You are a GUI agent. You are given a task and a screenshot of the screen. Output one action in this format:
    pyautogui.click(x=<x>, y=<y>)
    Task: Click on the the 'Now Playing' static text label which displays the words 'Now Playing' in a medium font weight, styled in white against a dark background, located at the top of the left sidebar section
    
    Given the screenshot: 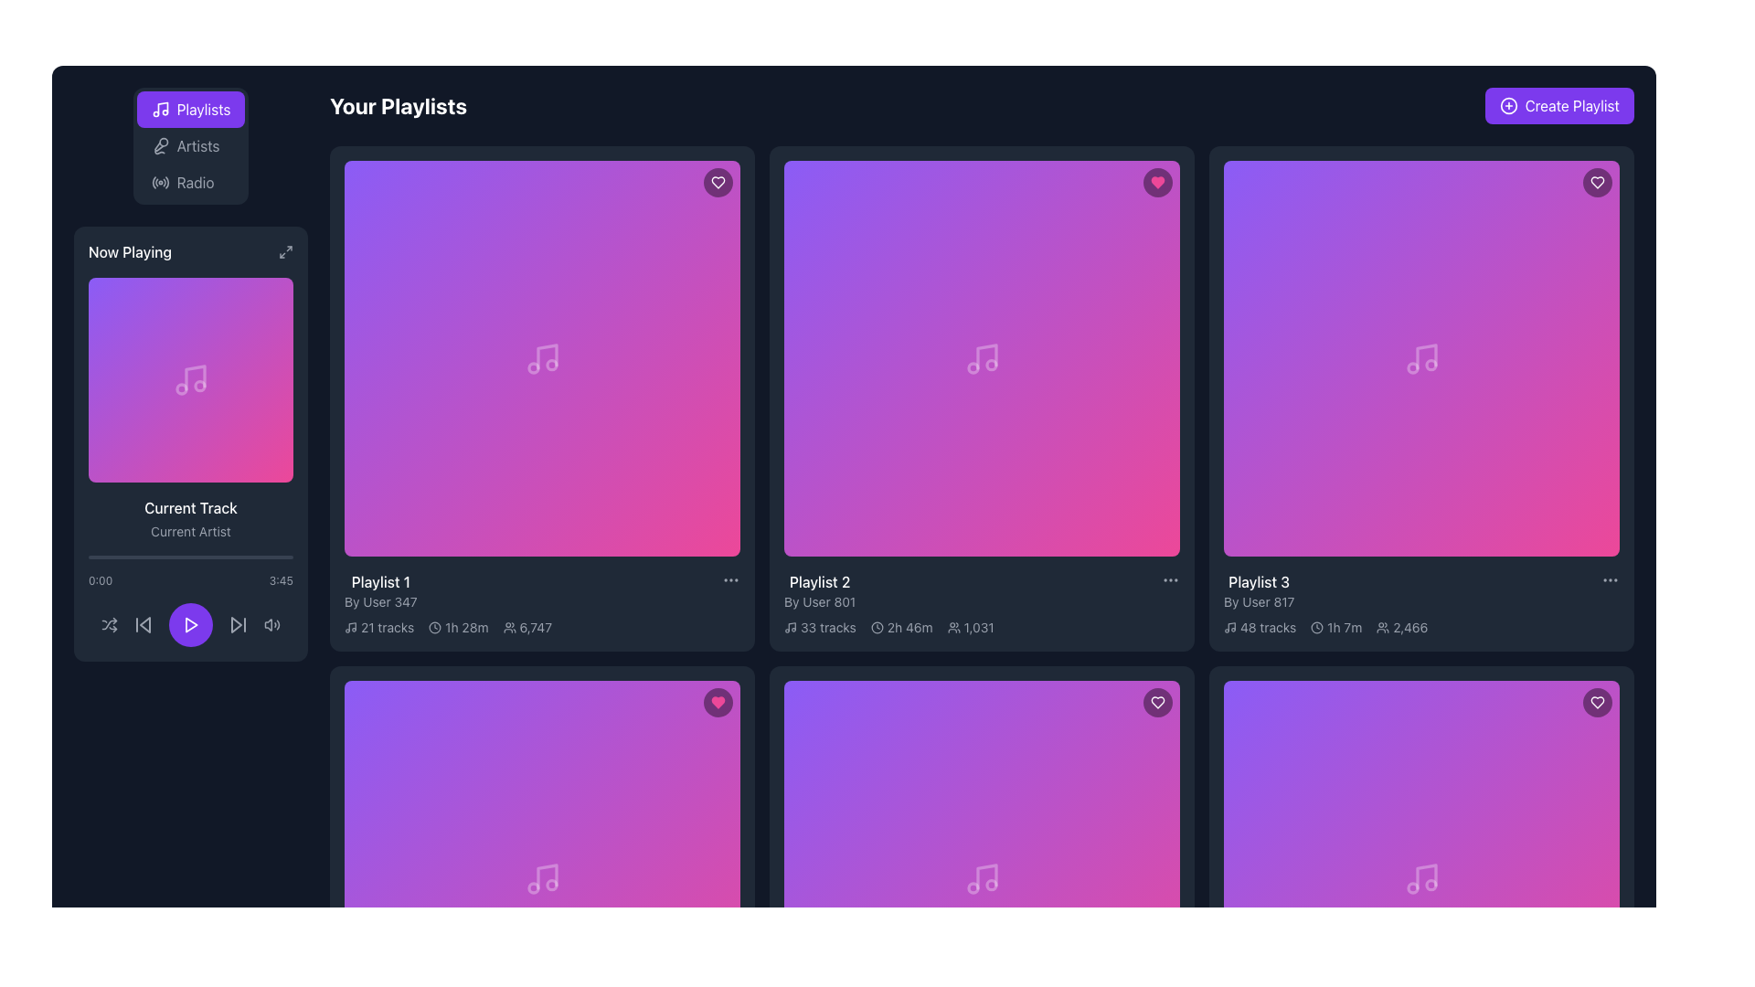 What is the action you would take?
    pyautogui.click(x=129, y=252)
    